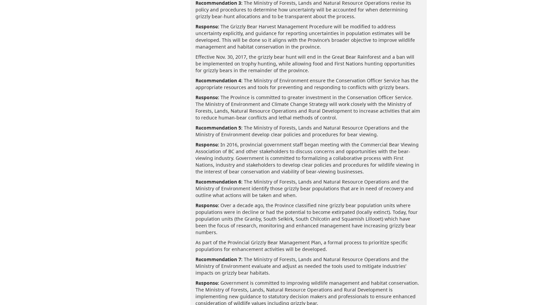 The height and width of the screenshot is (305, 558). What do you see at coordinates (306, 83) in the screenshot?
I see `'The Ministry of Environment ensure the Conservation Officer Service has the appropriate resources and tools for preventing and responding to conflicts with grizzly bears.'` at bounding box center [306, 83].